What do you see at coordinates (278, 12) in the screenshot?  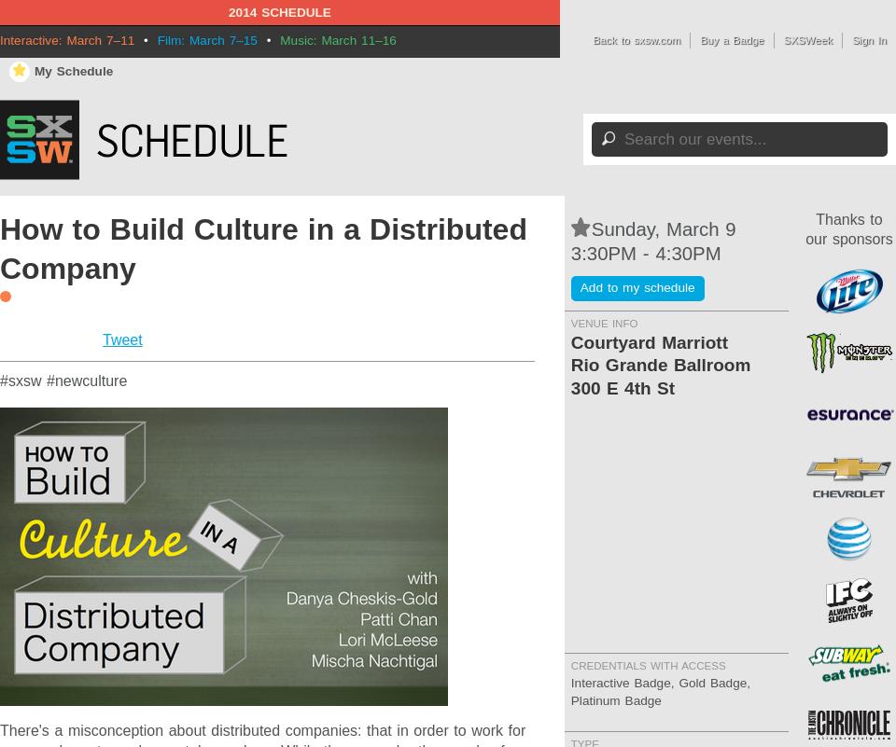 I see `'2014 Schedule'` at bounding box center [278, 12].